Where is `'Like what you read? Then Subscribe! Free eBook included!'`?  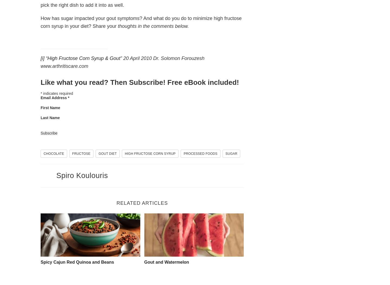
'Like what you read? Then Subscribe! Free eBook included!' is located at coordinates (139, 82).